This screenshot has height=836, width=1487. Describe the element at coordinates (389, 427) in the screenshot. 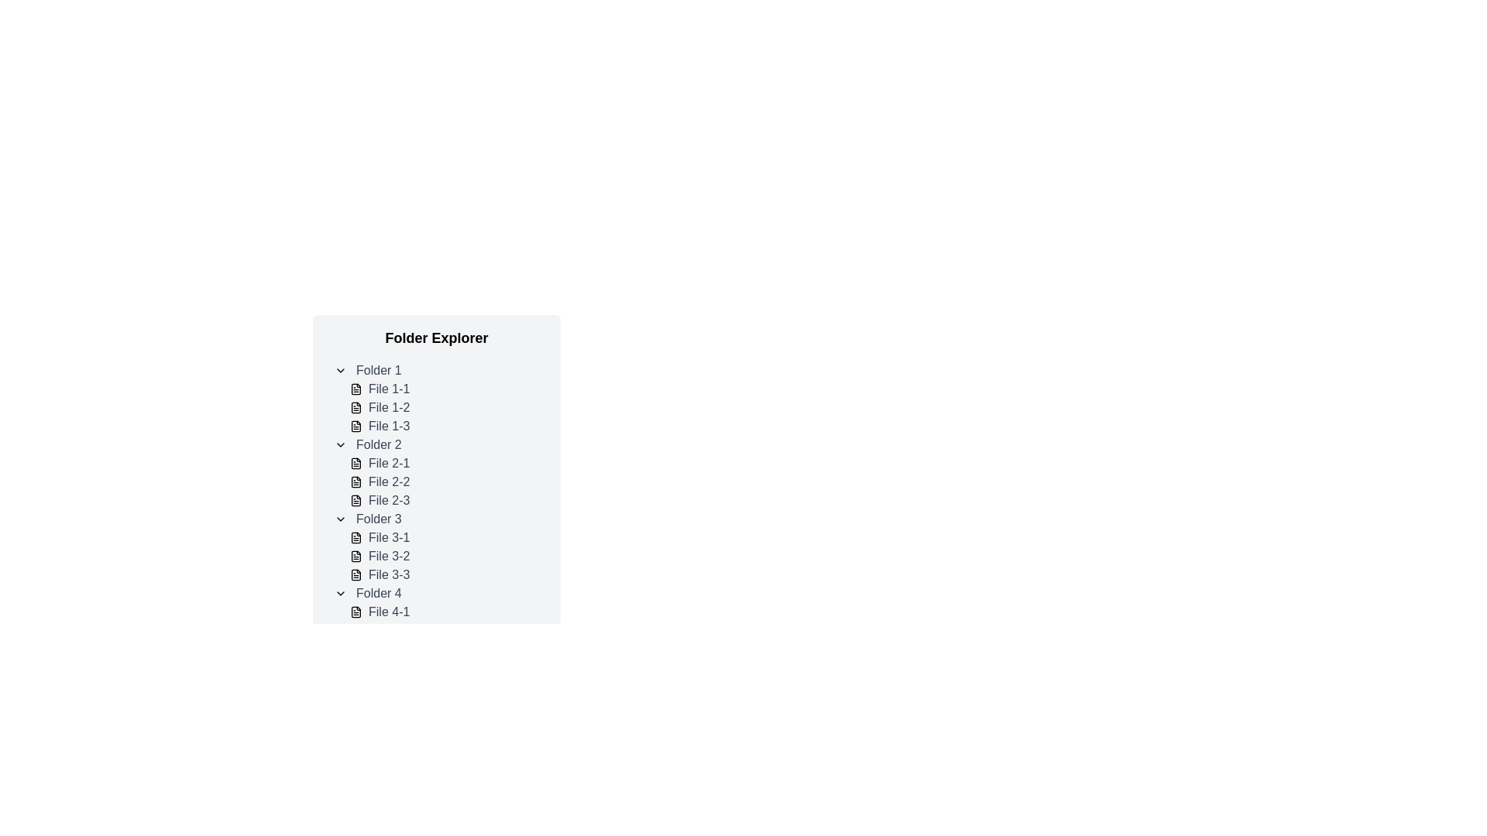

I see `the label representing the file named 'File 1-3' in the file explorer` at that location.